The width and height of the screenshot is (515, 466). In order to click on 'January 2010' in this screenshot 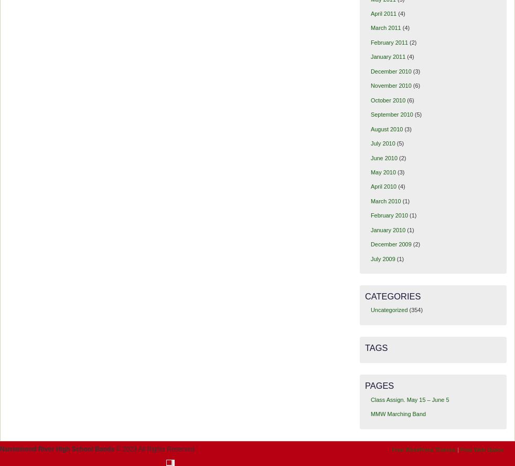, I will do `click(388, 230)`.